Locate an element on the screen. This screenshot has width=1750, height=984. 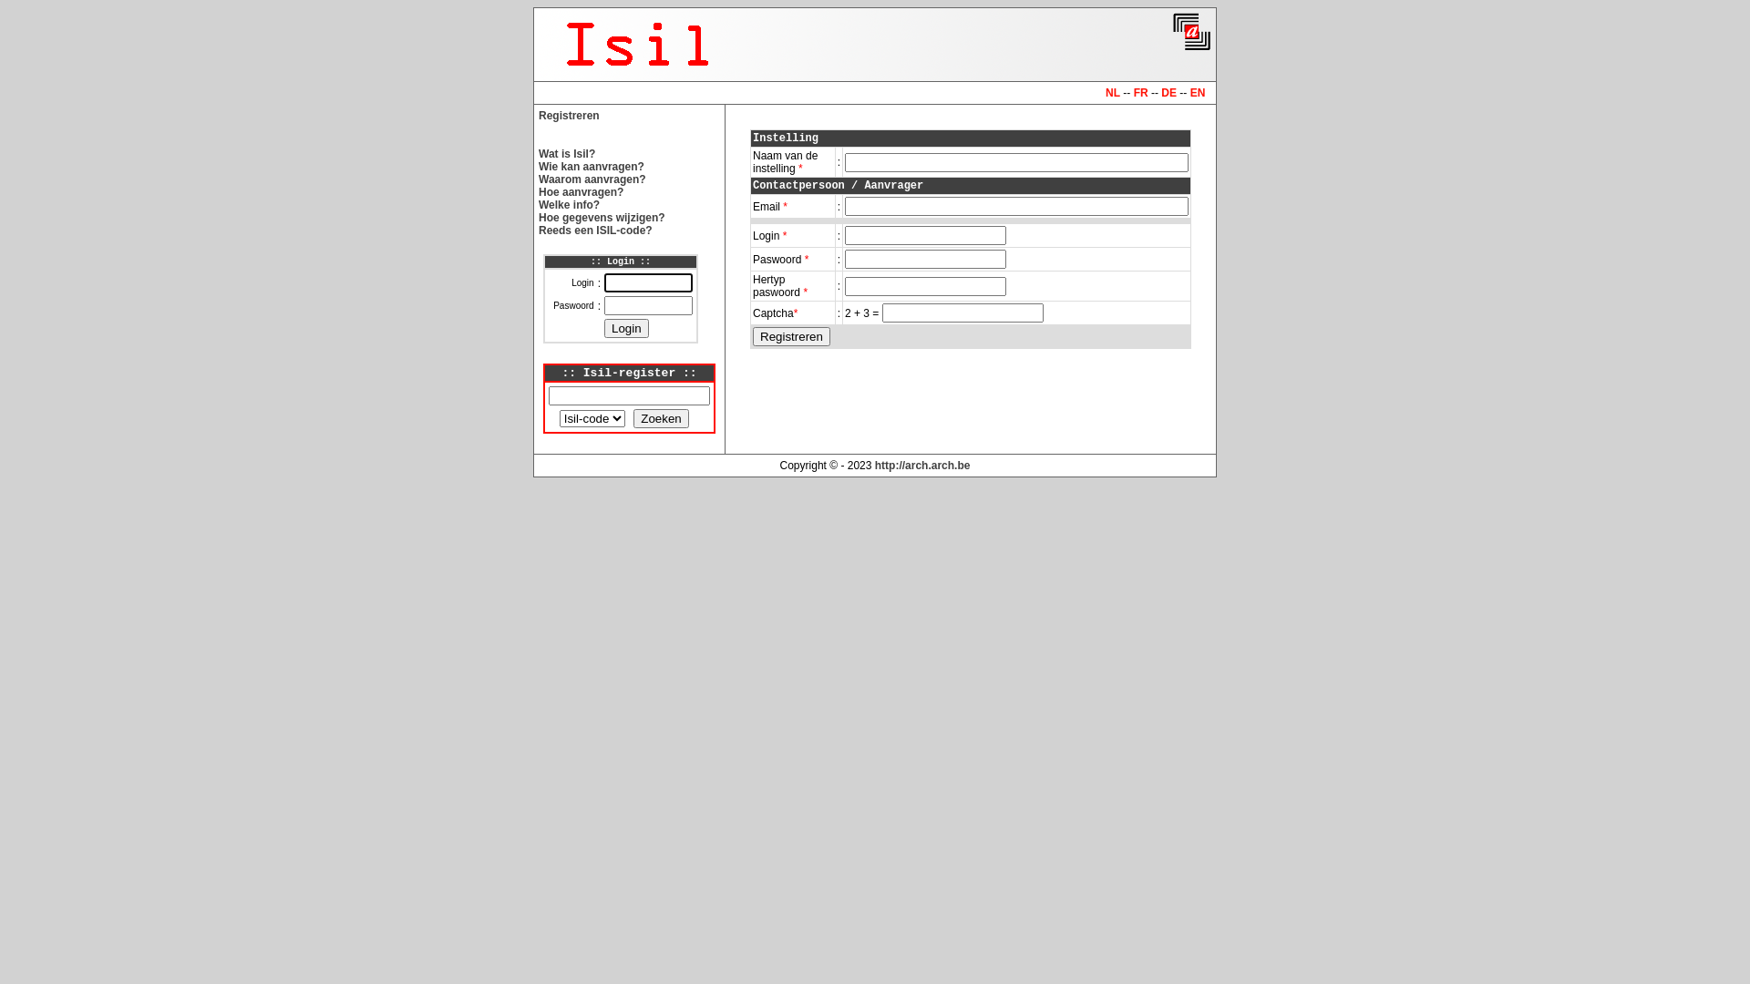
'Hoe aanvragen?' is located at coordinates (580, 192).